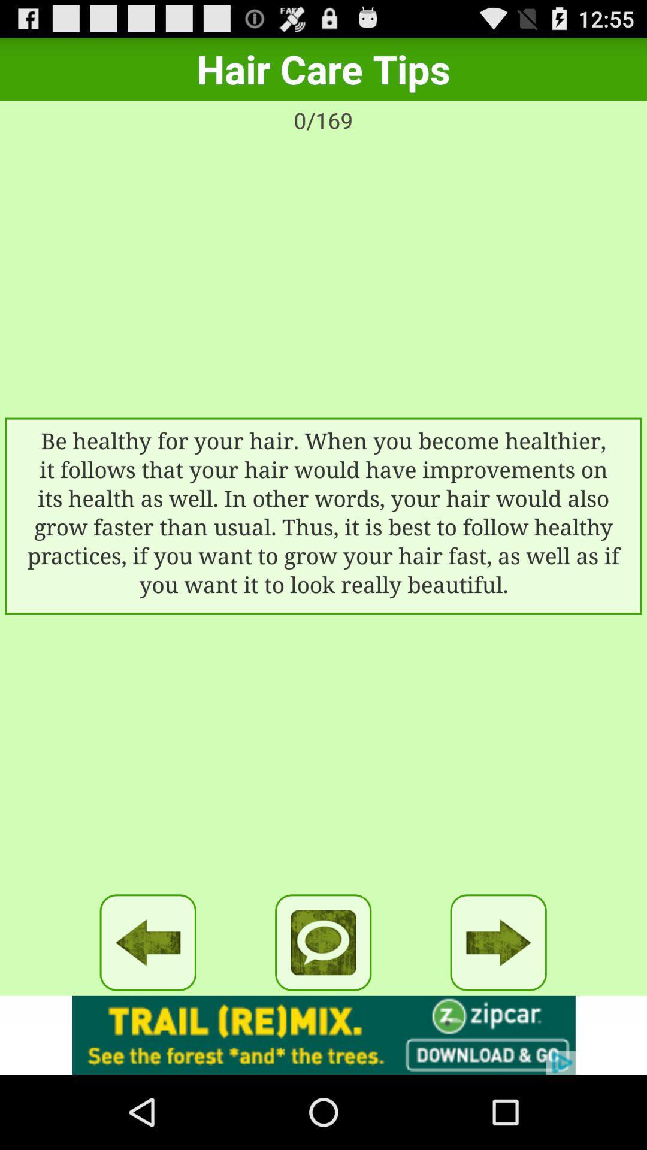 The image size is (647, 1150). Describe the element at coordinates (323, 1034) in the screenshot. I see `banner advertisement` at that location.